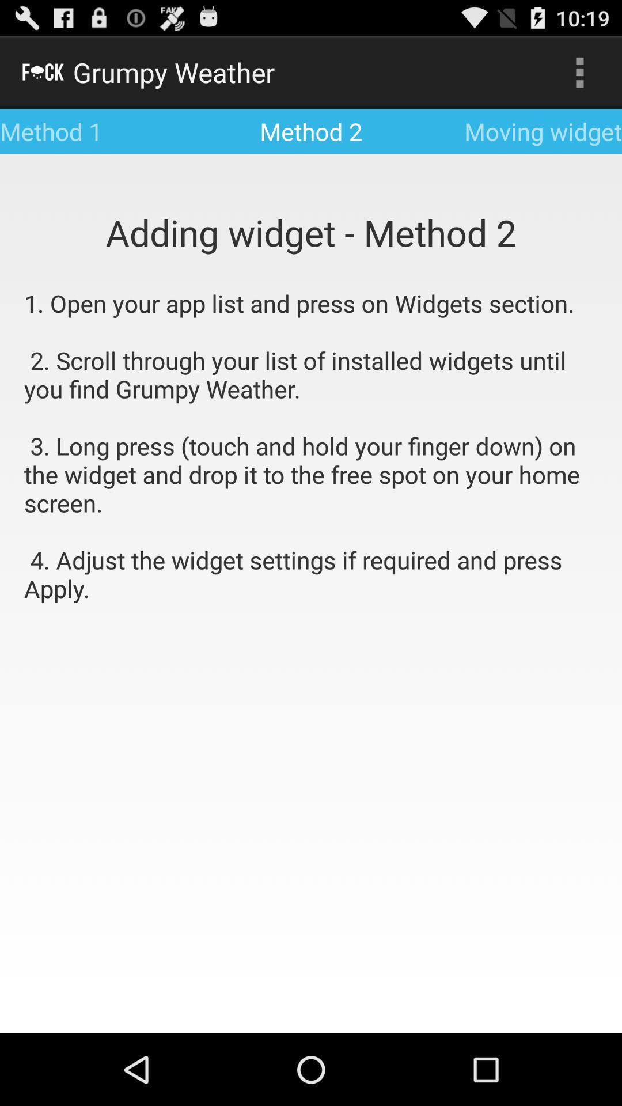 Image resolution: width=622 pixels, height=1106 pixels. I want to click on icon above the moving widget app, so click(579, 71).